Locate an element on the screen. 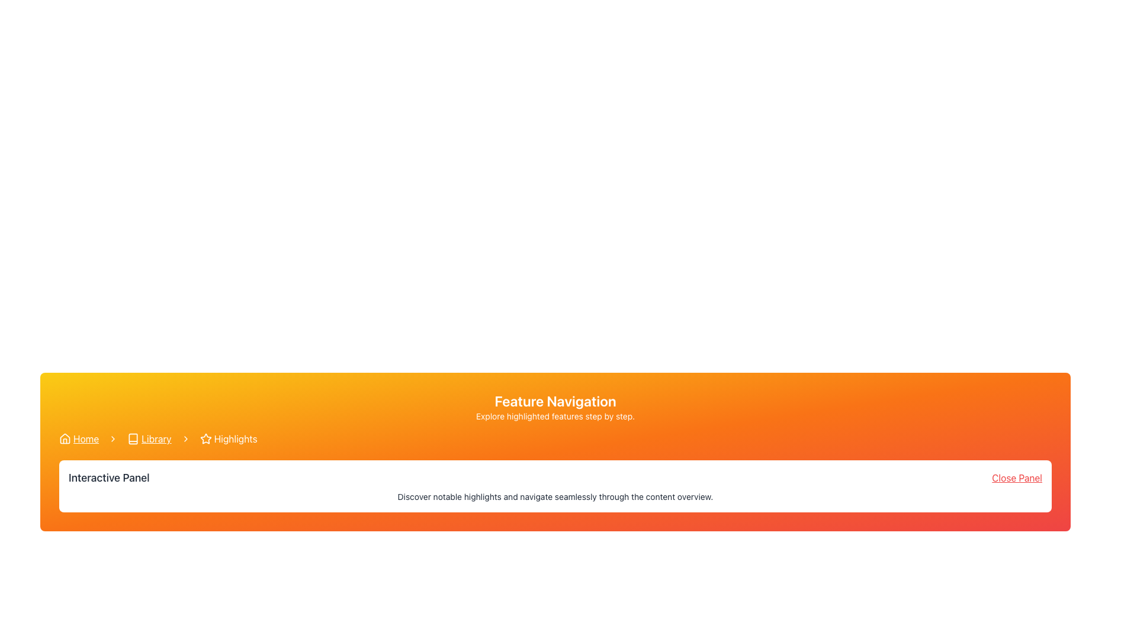 This screenshot has width=1137, height=639. the house icon in the breadcrumb navigation bar is located at coordinates (65, 438).